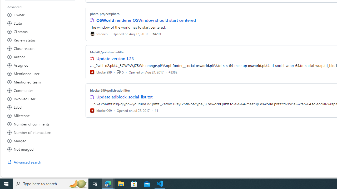 This screenshot has height=189, width=337. What do you see at coordinates (40, 162) in the screenshot?
I see `'Advanced search'` at bounding box center [40, 162].